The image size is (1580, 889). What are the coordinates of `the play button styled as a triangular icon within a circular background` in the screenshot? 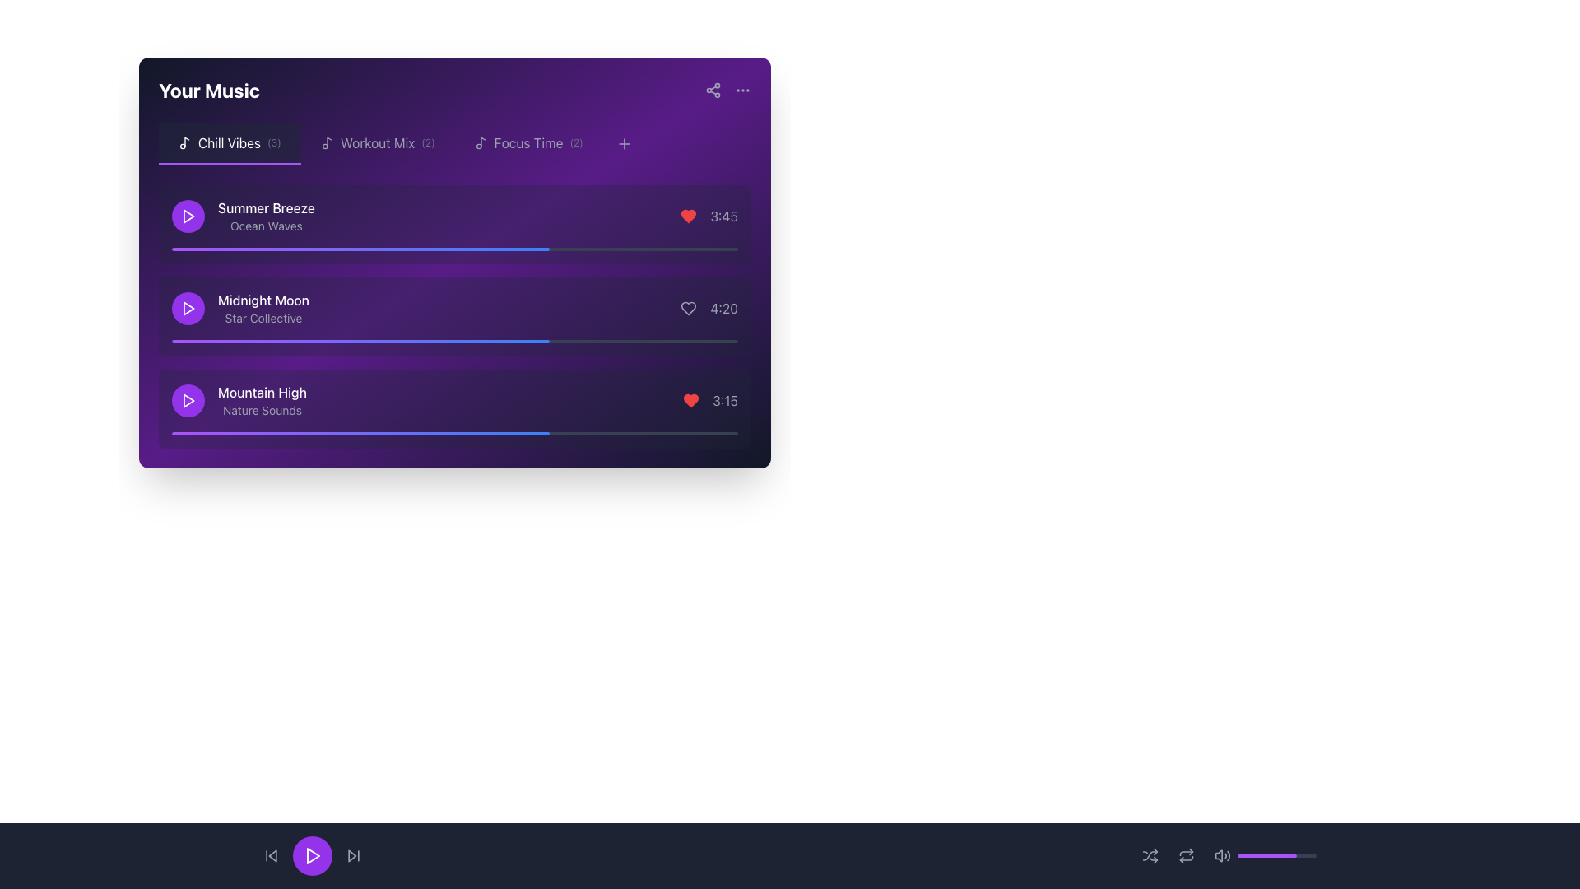 It's located at (188, 400).